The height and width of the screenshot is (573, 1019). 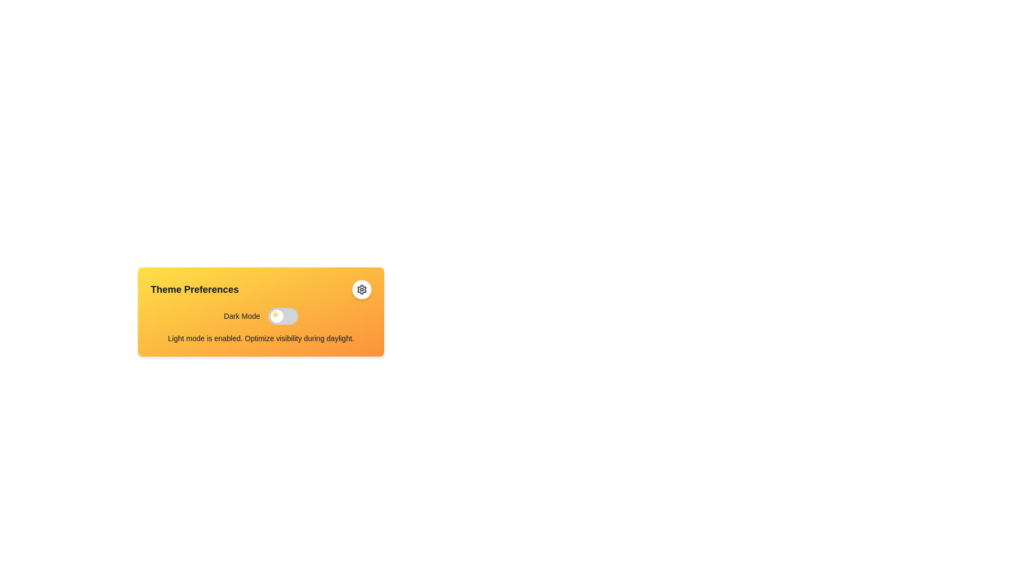 I want to click on the toggle switch located in the lower right portion beneath 'Theme Preferences', so click(x=261, y=316).